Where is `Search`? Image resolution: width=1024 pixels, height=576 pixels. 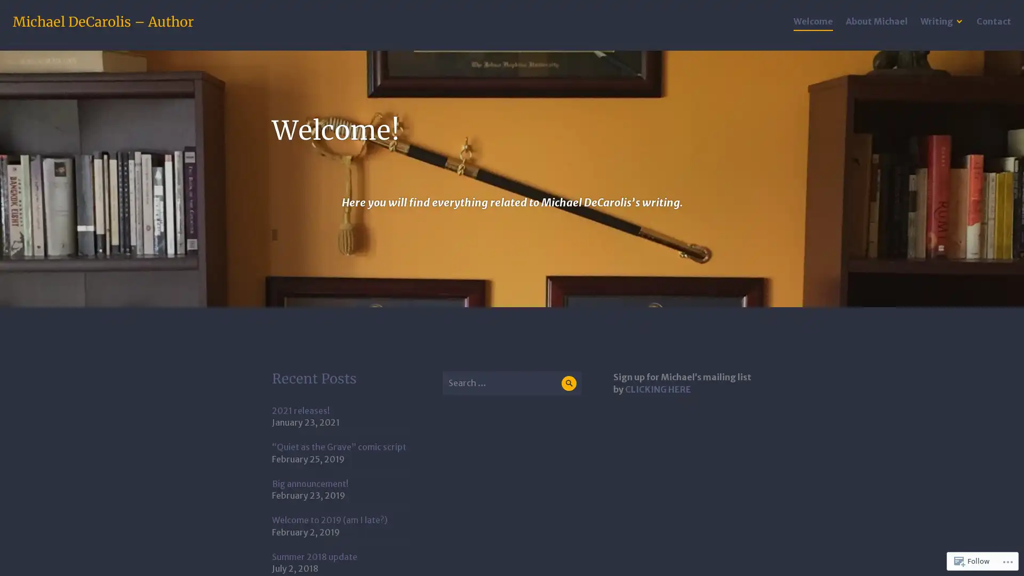 Search is located at coordinates (568, 382).